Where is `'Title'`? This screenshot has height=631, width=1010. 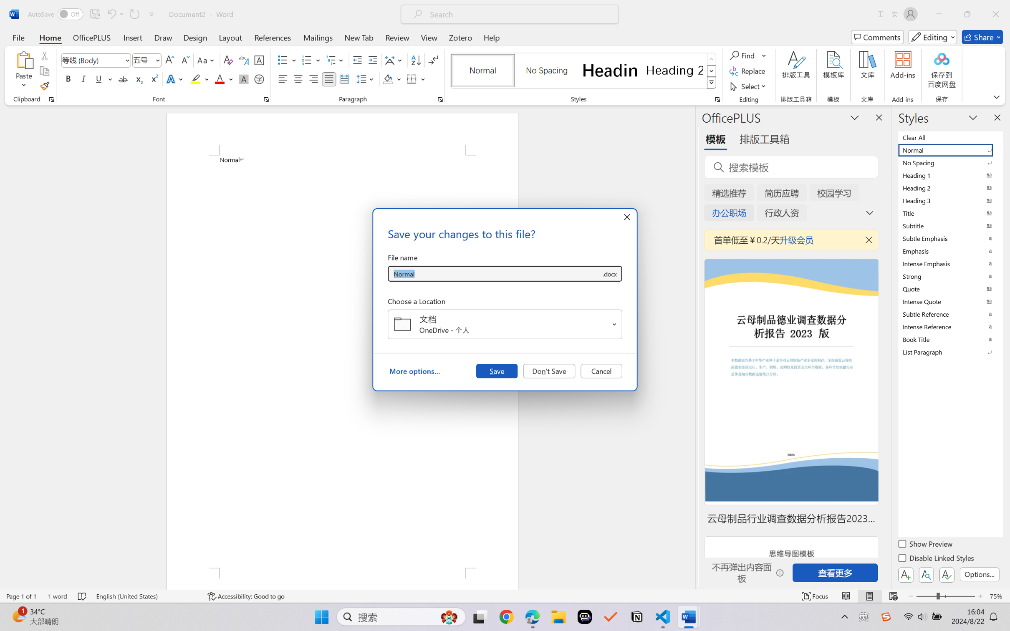
'Title' is located at coordinates (949, 212).